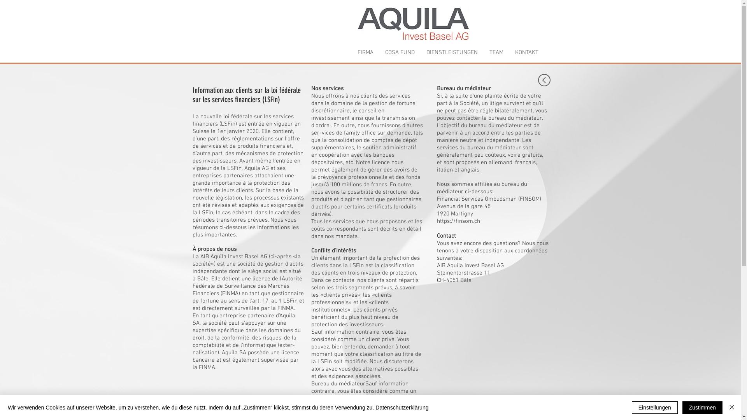 The width and height of the screenshot is (747, 420). What do you see at coordinates (496, 52) in the screenshot?
I see `'TEAM'` at bounding box center [496, 52].